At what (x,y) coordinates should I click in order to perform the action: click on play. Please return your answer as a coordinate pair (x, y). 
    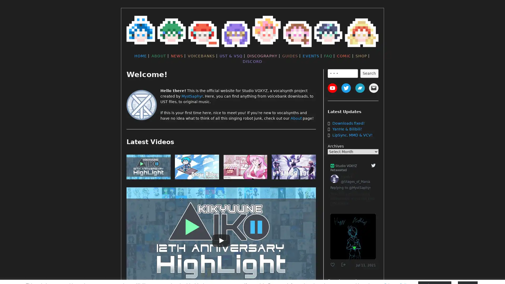
    Looking at the image, I should click on (294, 168).